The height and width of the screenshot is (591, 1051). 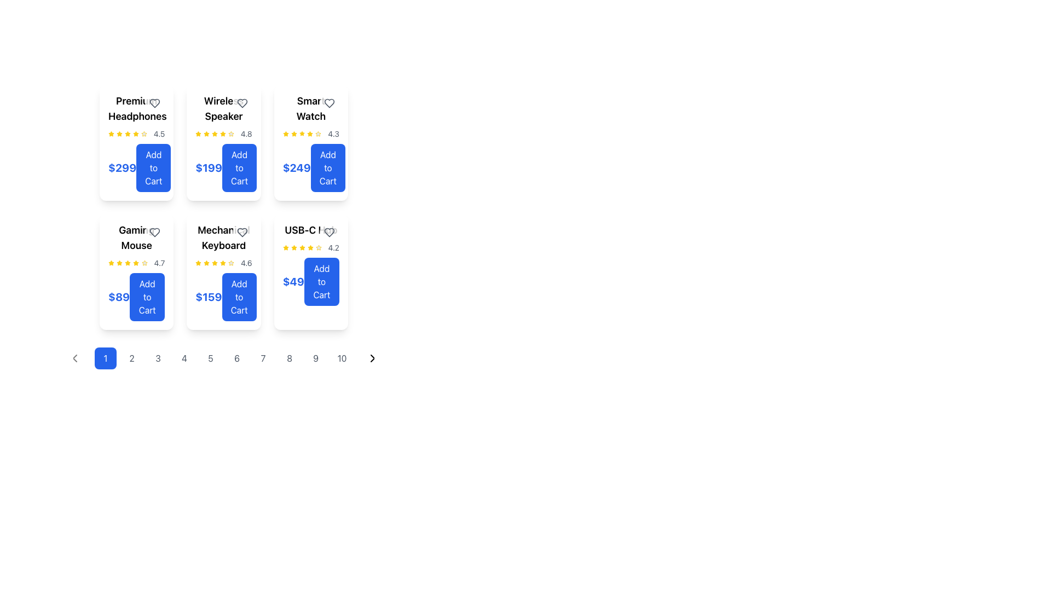 What do you see at coordinates (222, 133) in the screenshot?
I see `the star icon located in the second item of the top row in the review section to interact with the rating` at bounding box center [222, 133].